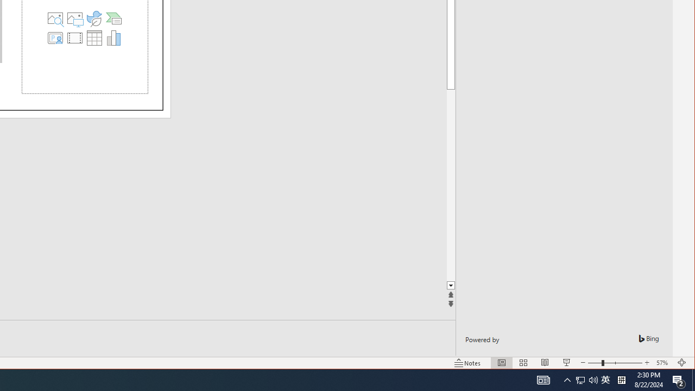  I want to click on 'Zoom 57%', so click(663, 363).